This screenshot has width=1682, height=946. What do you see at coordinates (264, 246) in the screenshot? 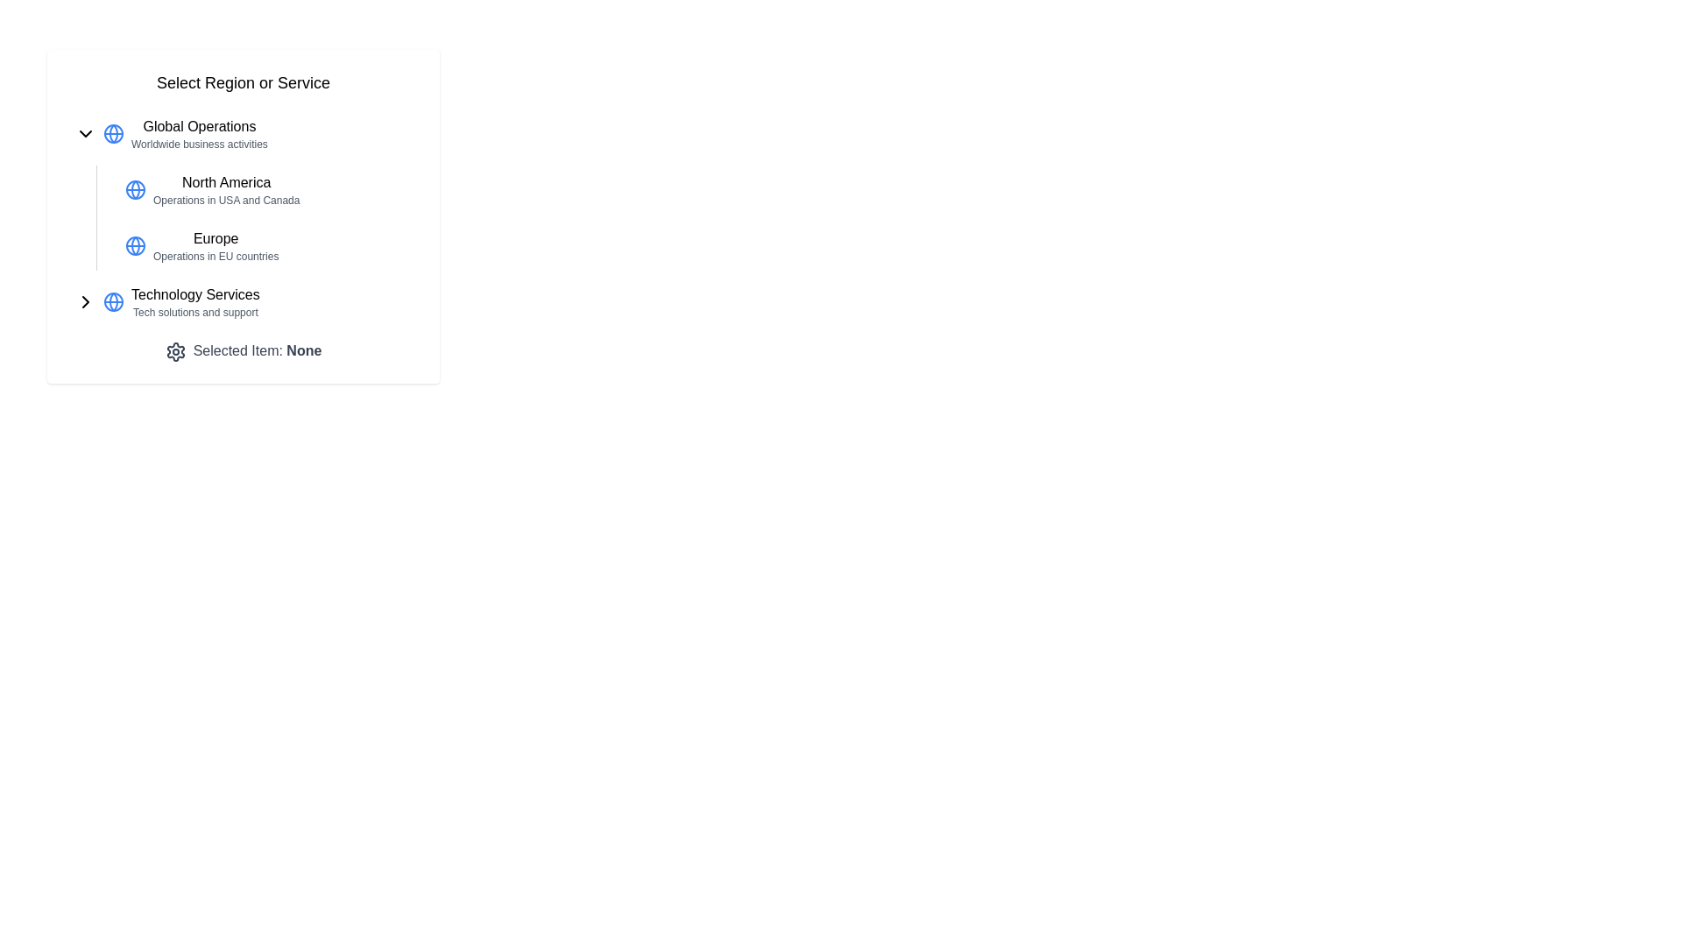
I see `the 'Europe' menu item, which is displayed in bold with a globe icon on the left` at bounding box center [264, 246].